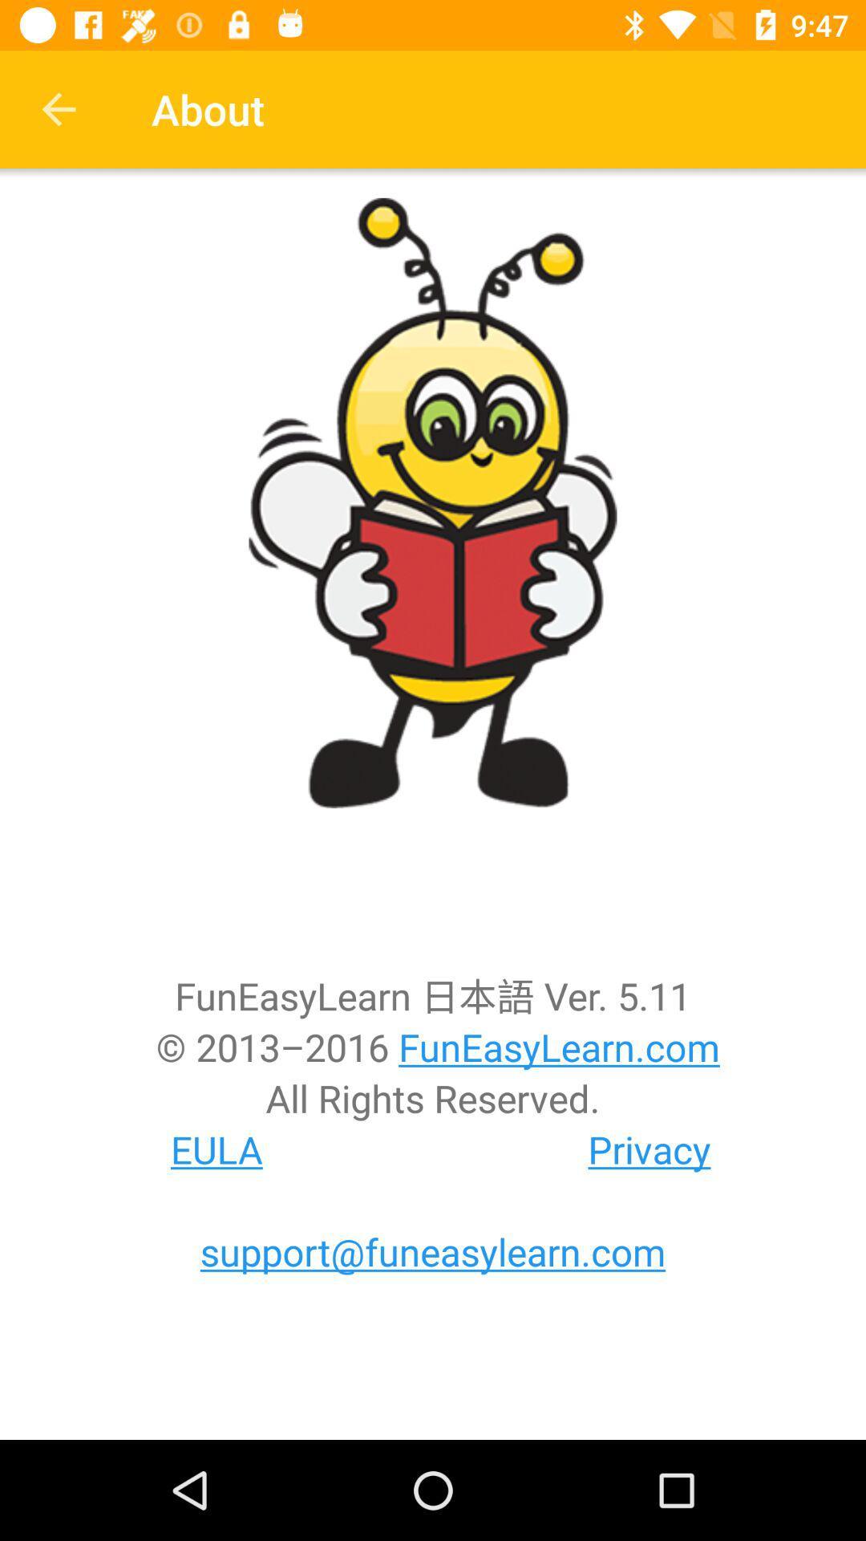  Describe the element at coordinates (216, 1149) in the screenshot. I see `the eula` at that location.